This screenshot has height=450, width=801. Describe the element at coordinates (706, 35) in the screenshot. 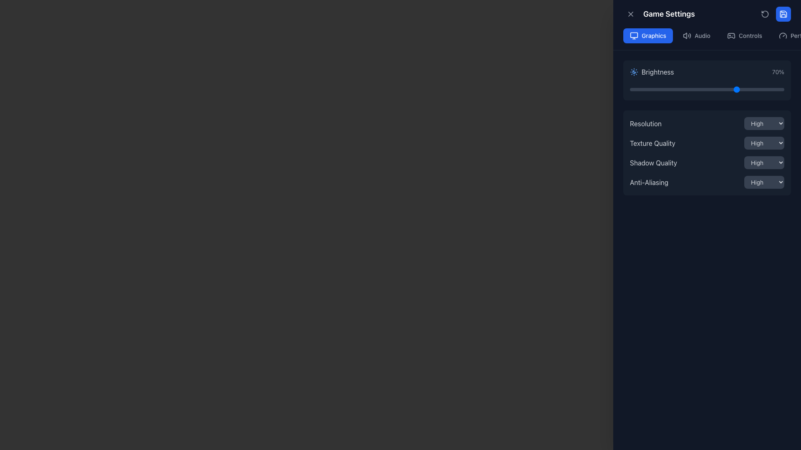

I see `the 'Audio' button in the Game Settings section` at that location.